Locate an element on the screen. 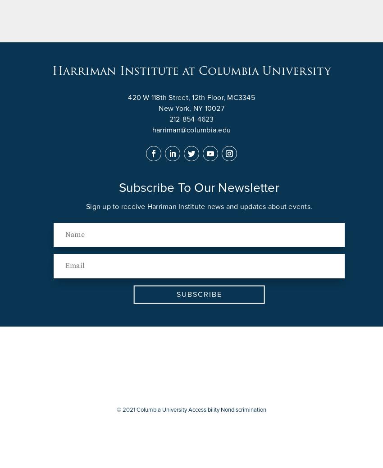 This screenshot has height=468, width=383. 'Harriman Institute at Columbia University' is located at coordinates (191, 71).